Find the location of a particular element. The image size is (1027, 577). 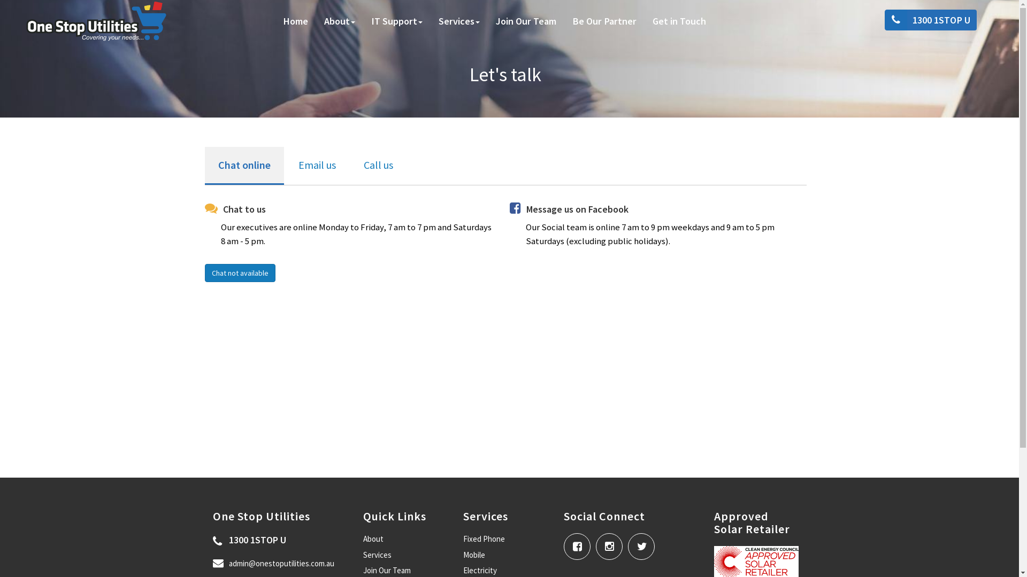

'Chat not available' is located at coordinates (204, 272).